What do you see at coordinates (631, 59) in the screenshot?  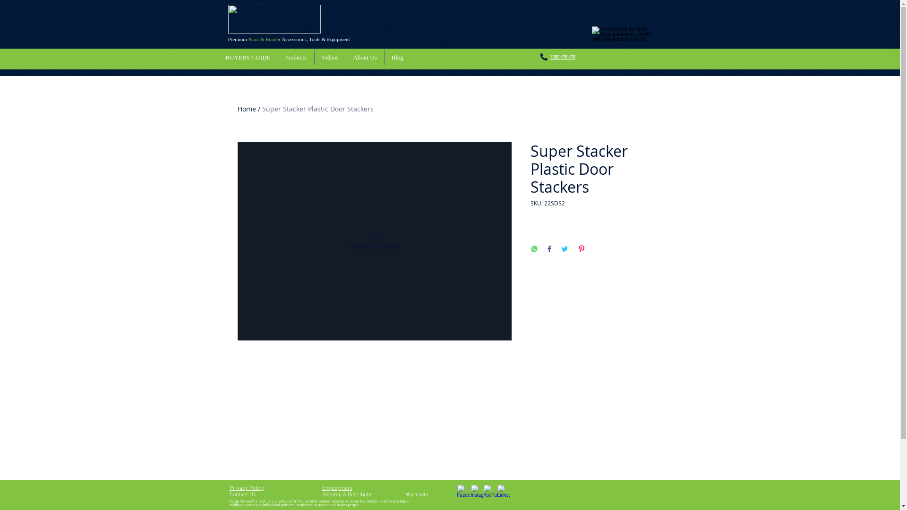 I see `'Site Search'` at bounding box center [631, 59].